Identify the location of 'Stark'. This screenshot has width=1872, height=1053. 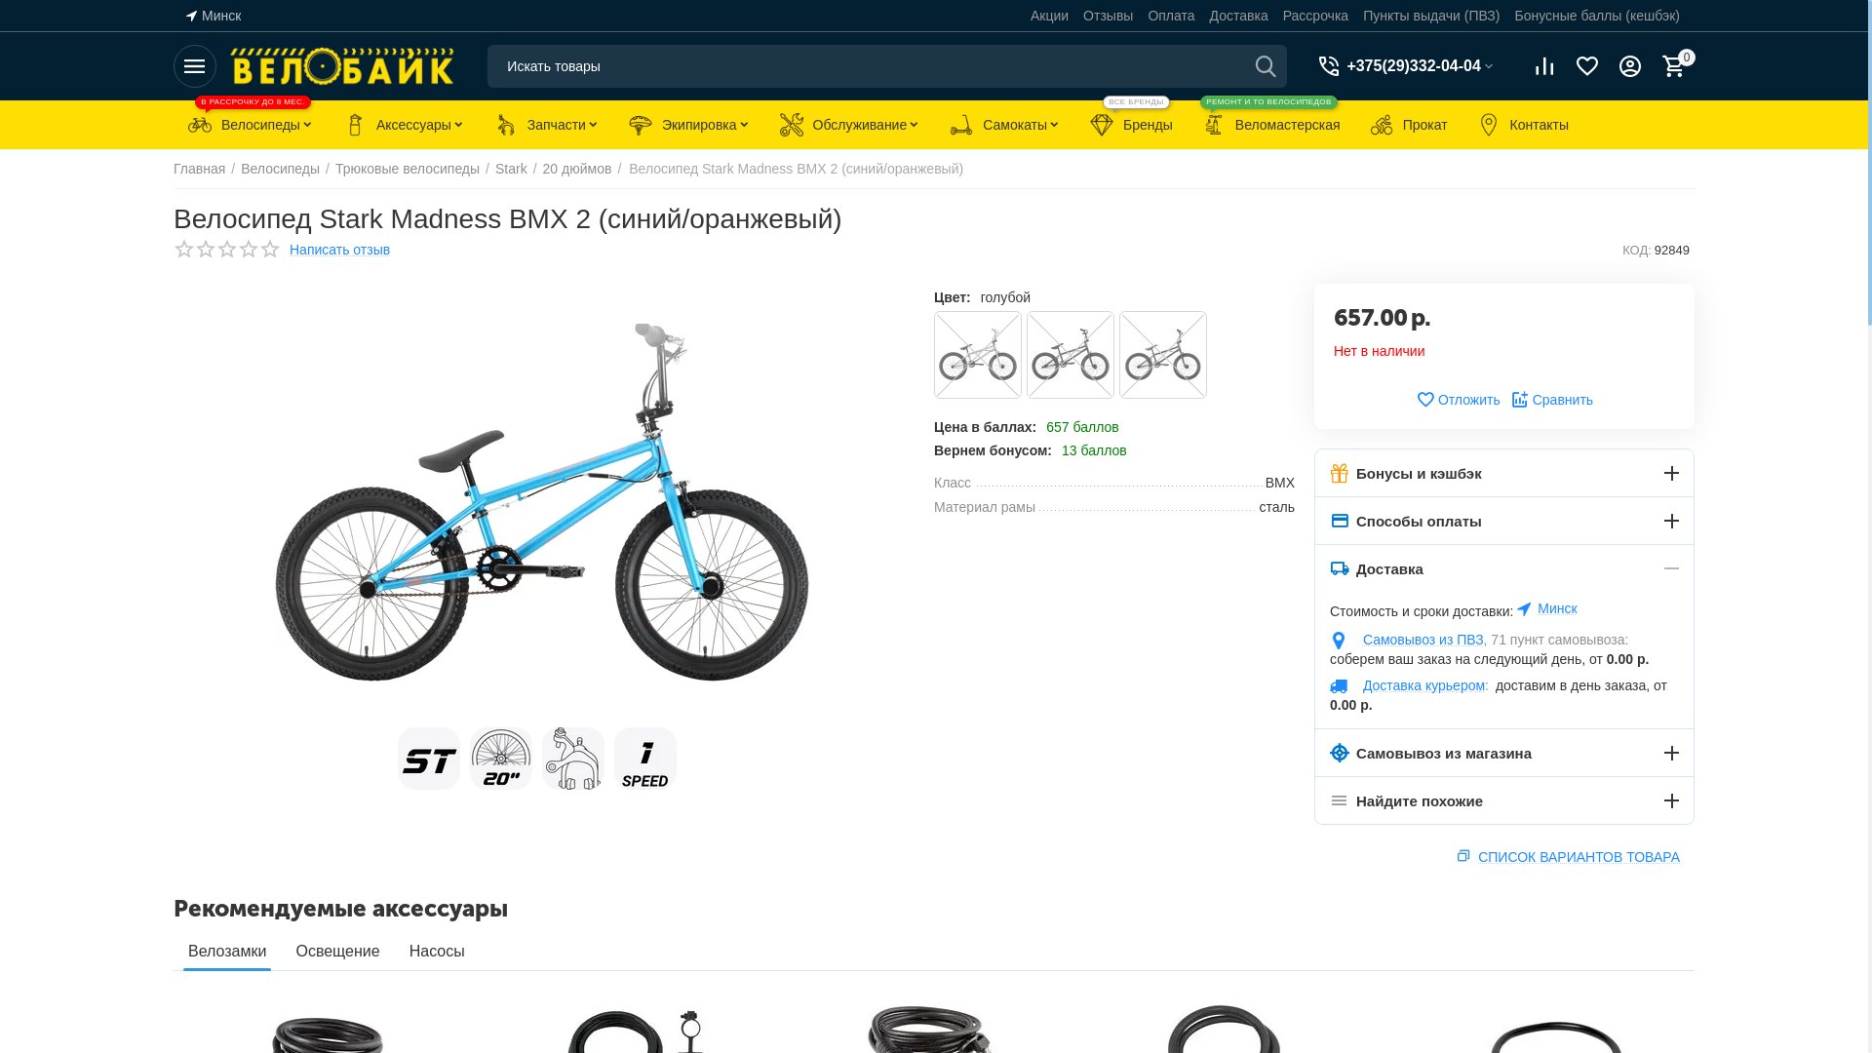
(511, 168).